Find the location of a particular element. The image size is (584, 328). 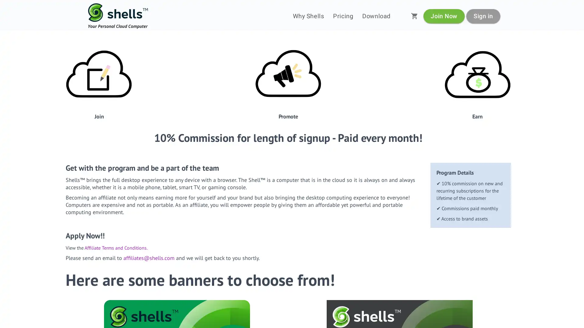

Download is located at coordinates (376, 16).